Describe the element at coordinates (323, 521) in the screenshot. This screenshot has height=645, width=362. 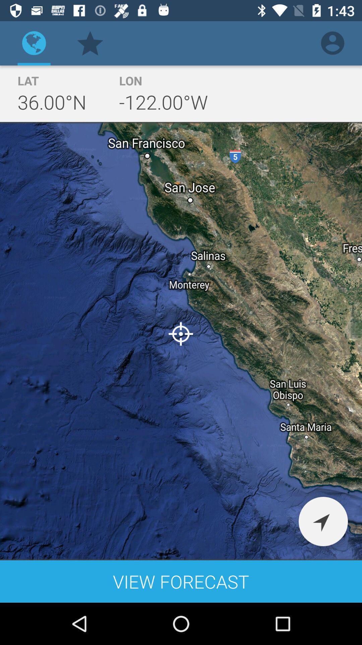
I see `the navigation icon` at that location.